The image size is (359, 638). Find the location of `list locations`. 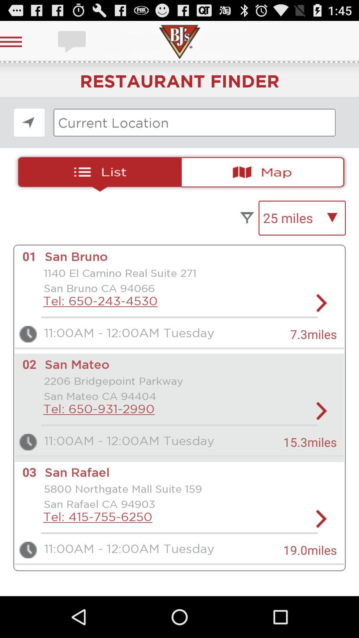

list locations is located at coordinates (97, 172).